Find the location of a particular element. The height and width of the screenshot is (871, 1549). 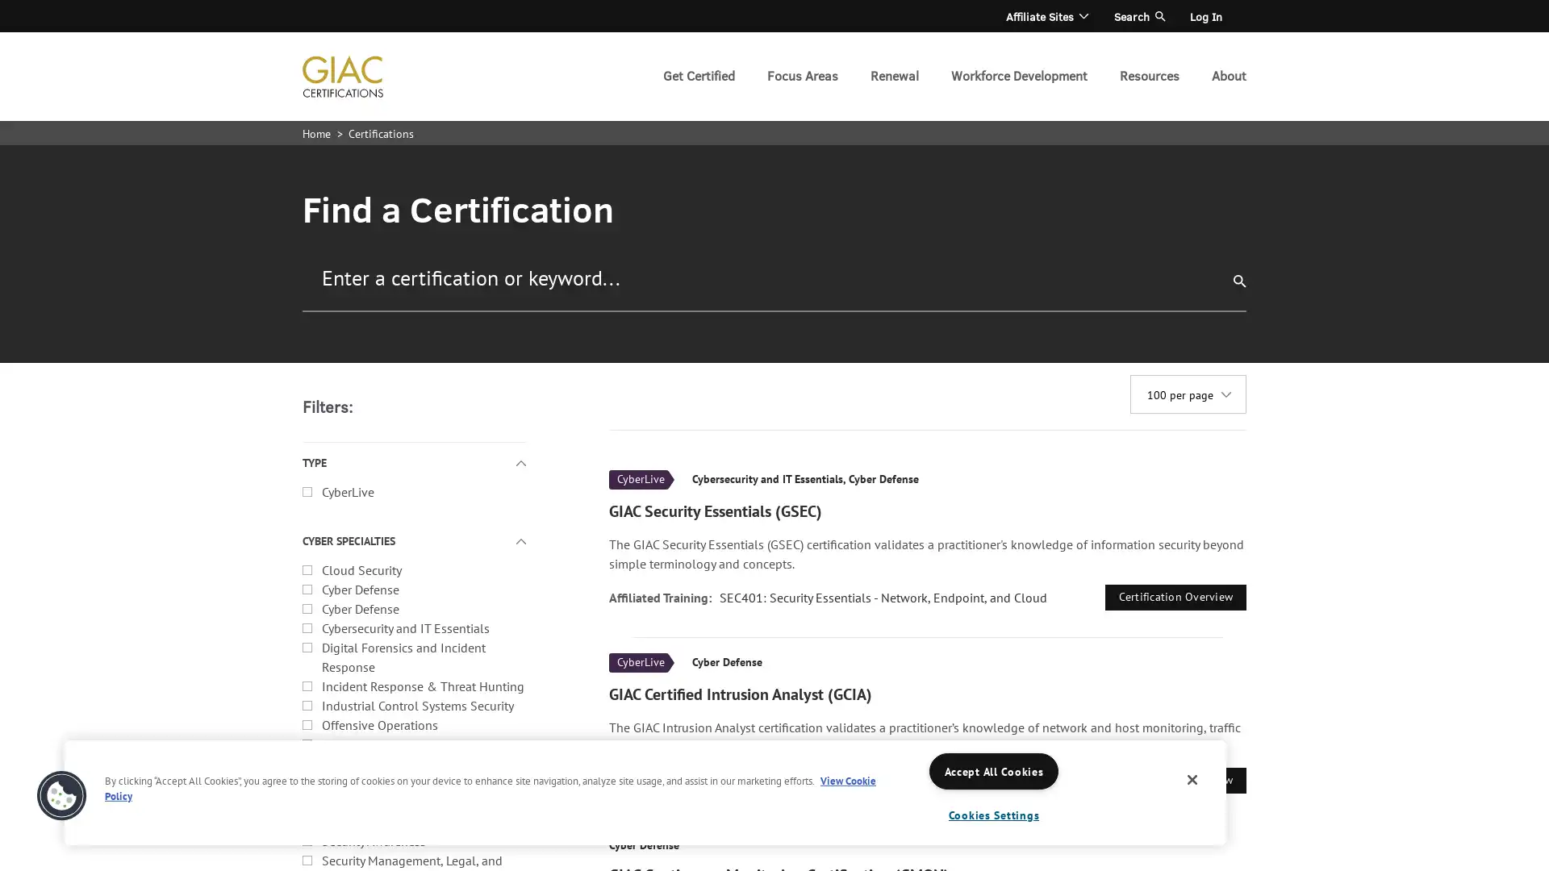

Accept All Cookies is located at coordinates (993, 770).